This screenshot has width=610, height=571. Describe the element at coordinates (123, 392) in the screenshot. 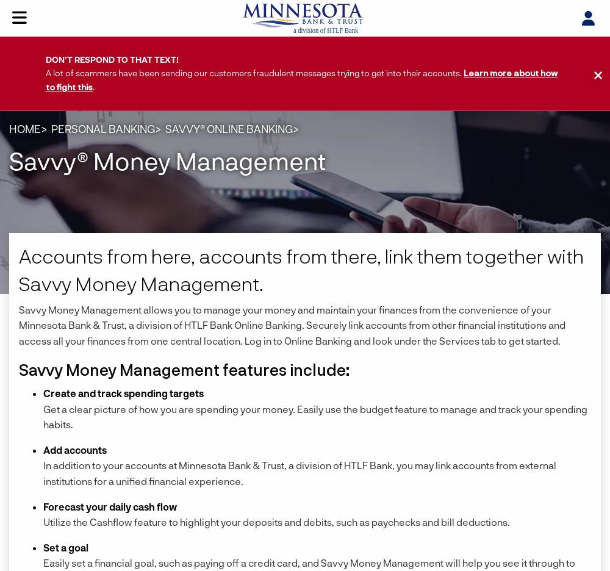

I see `'Create and track spending targets'` at that location.